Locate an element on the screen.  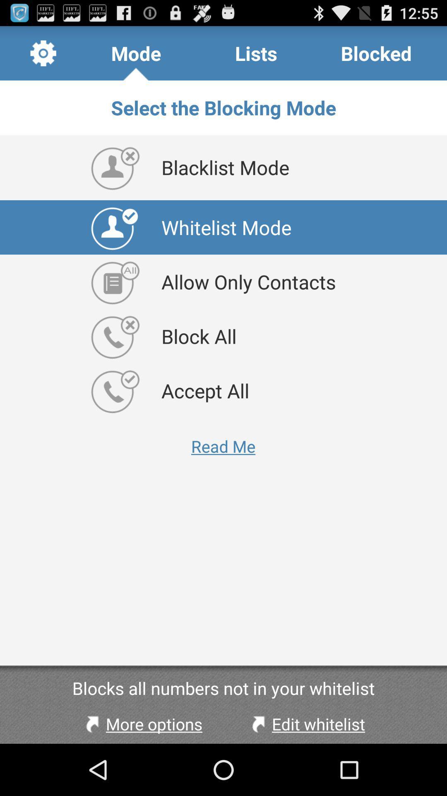
icon to the left of mode app is located at coordinates (43, 53).